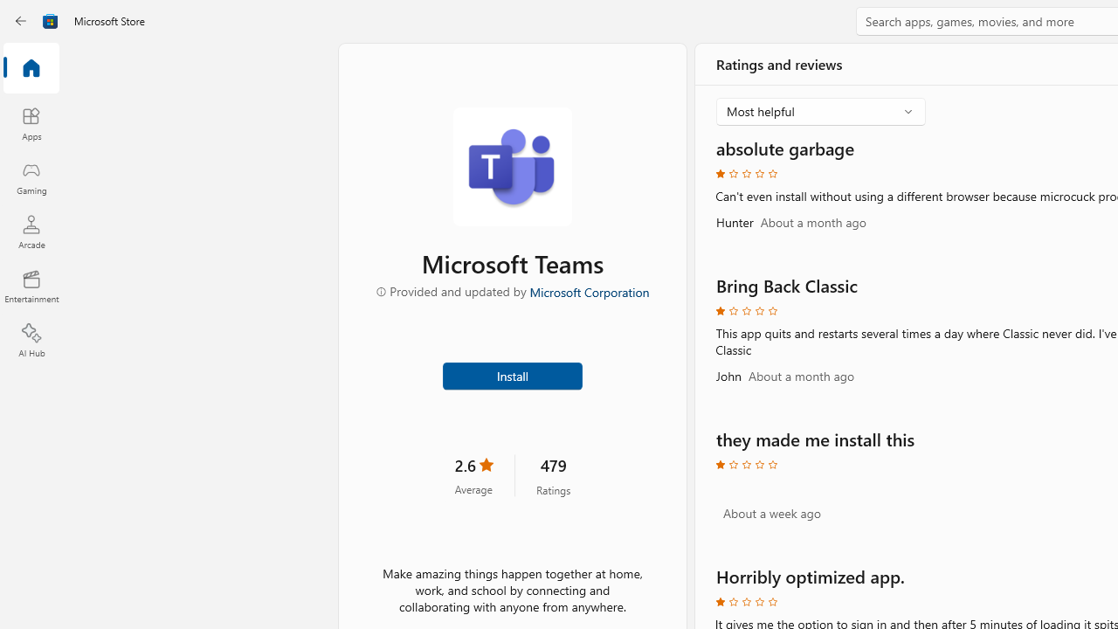 The image size is (1118, 629). What do you see at coordinates (588, 290) in the screenshot?
I see `'Microsoft Corporation'` at bounding box center [588, 290].